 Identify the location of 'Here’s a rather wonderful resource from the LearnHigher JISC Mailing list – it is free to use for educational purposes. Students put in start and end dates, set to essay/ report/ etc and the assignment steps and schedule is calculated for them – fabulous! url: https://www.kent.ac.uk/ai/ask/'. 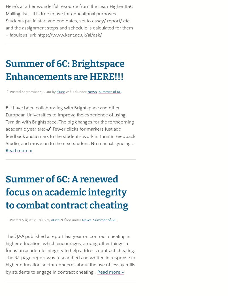
(5, 21).